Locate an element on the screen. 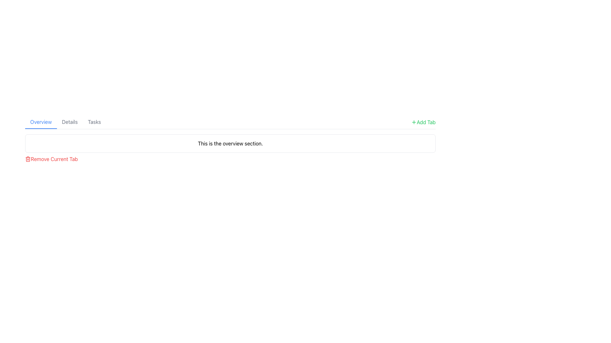  the 'Overview' navigational tab located at the far left of the top horizontal navigation bar is located at coordinates (40, 122).